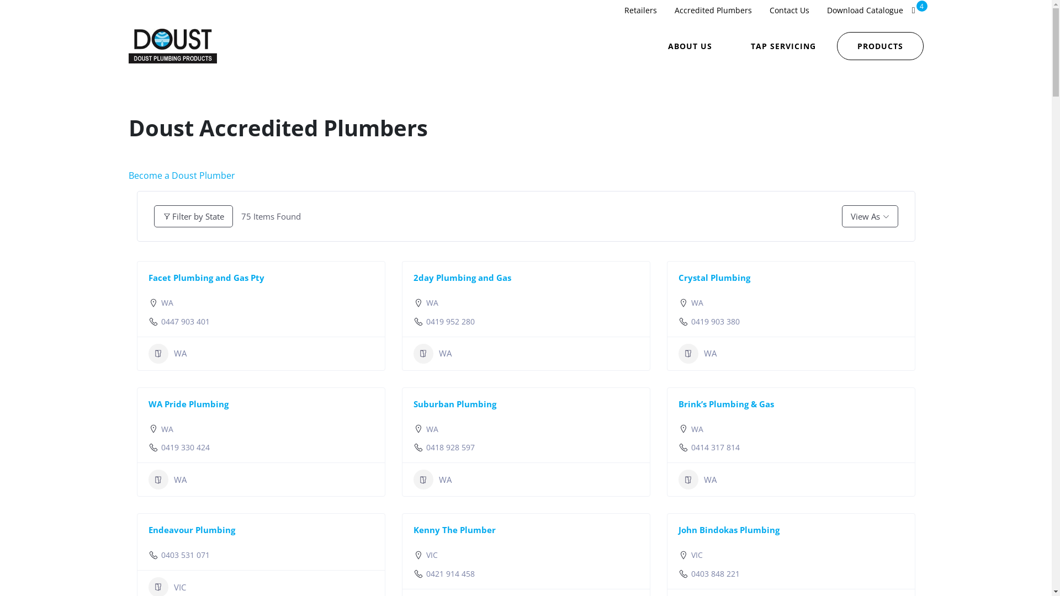 This screenshot has width=1060, height=596. Describe the element at coordinates (715, 447) in the screenshot. I see `'0414 317 814'` at that location.